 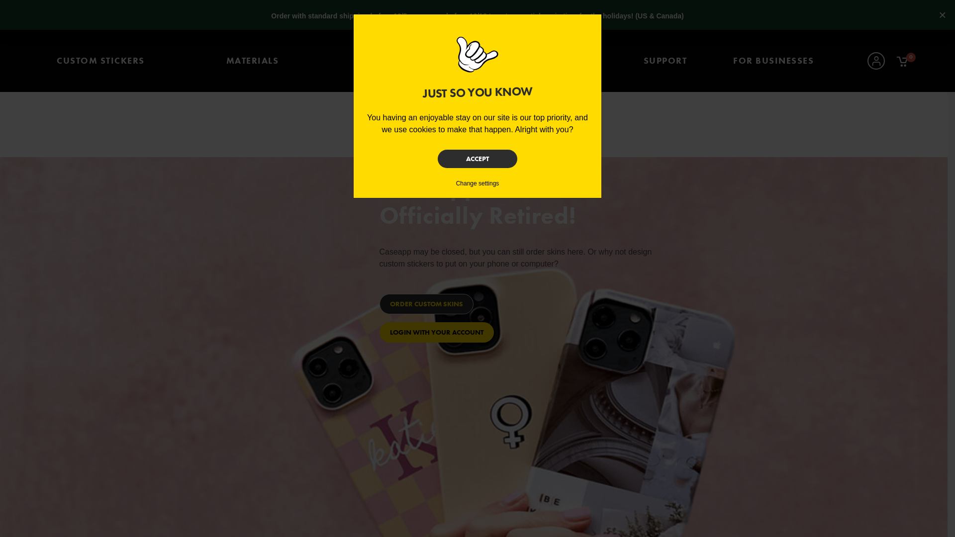 What do you see at coordinates (666, 61) in the screenshot?
I see `'SUPPORT'` at bounding box center [666, 61].